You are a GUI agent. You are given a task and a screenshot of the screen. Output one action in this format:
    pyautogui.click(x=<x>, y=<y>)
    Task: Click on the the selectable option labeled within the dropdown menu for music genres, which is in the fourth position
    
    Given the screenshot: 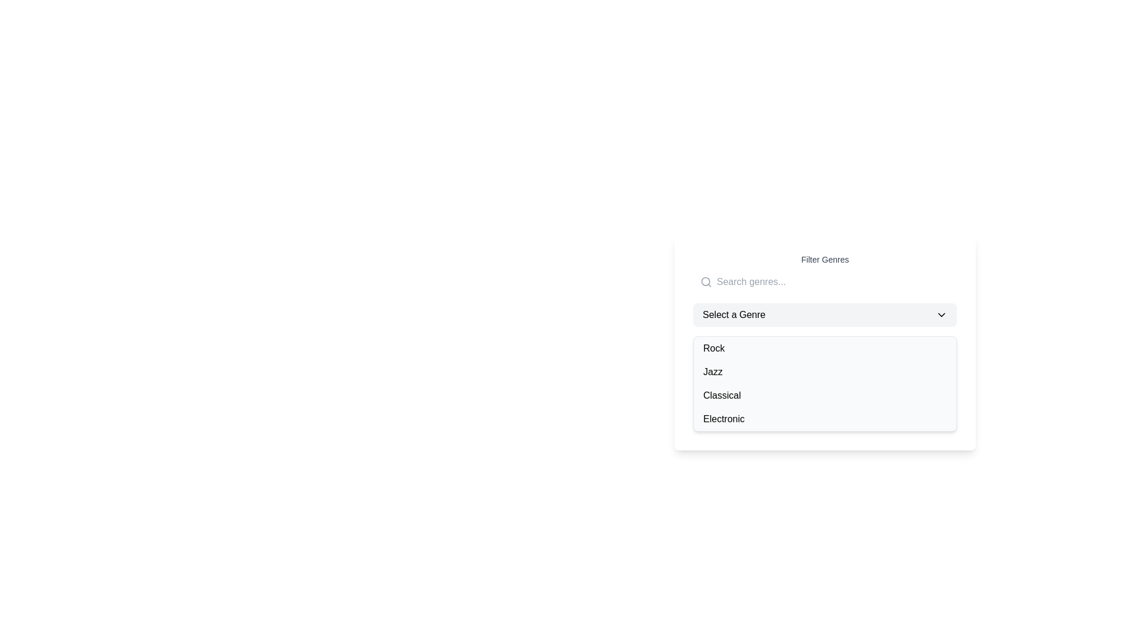 What is the action you would take?
    pyautogui.click(x=723, y=419)
    